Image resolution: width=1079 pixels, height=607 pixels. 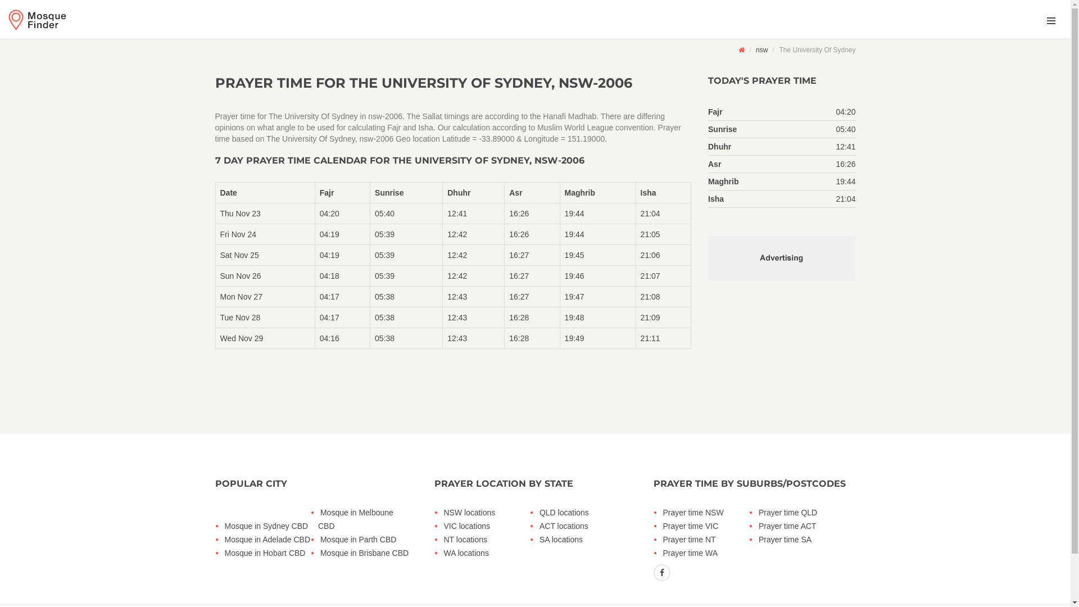 I want to click on 'Mosque in Adelade CBD', so click(x=269, y=539).